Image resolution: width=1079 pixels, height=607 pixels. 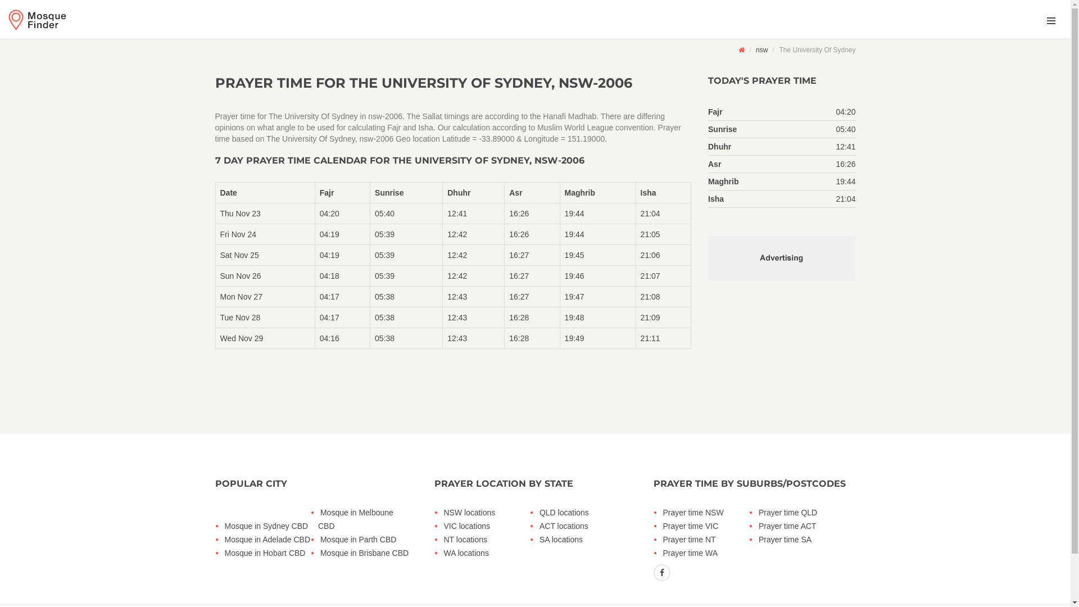 I want to click on 'Mosque in Adelade CBD', so click(x=269, y=539).